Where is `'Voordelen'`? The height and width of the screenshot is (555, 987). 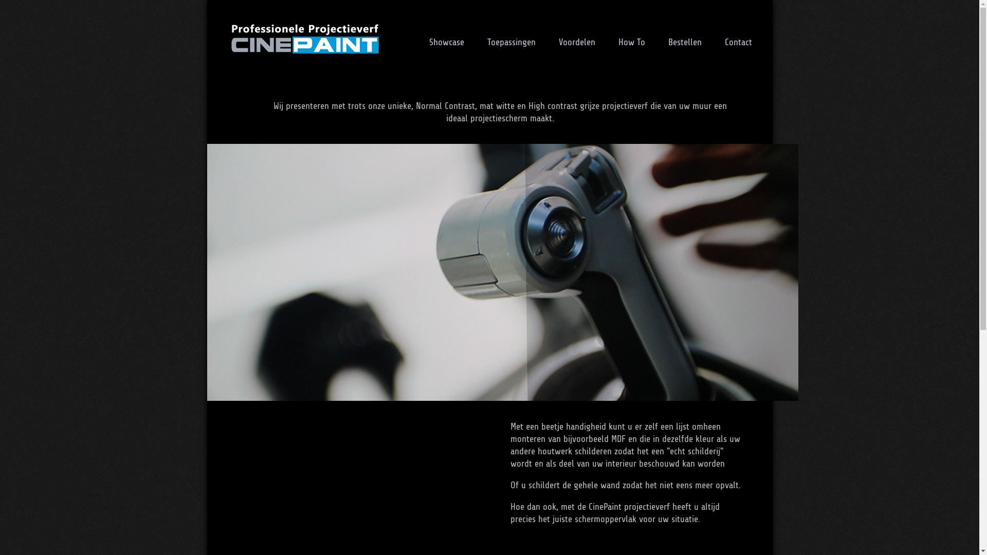 'Voordelen' is located at coordinates (576, 41).